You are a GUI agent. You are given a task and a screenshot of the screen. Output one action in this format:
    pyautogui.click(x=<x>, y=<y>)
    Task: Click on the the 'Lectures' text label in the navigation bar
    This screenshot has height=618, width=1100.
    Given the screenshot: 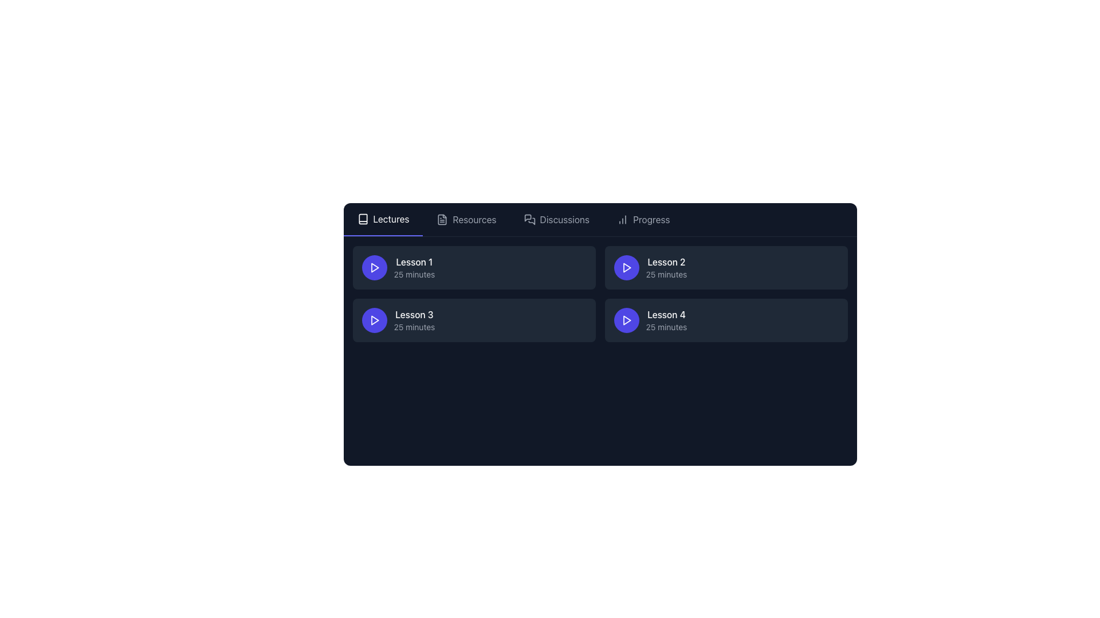 What is the action you would take?
    pyautogui.click(x=391, y=219)
    